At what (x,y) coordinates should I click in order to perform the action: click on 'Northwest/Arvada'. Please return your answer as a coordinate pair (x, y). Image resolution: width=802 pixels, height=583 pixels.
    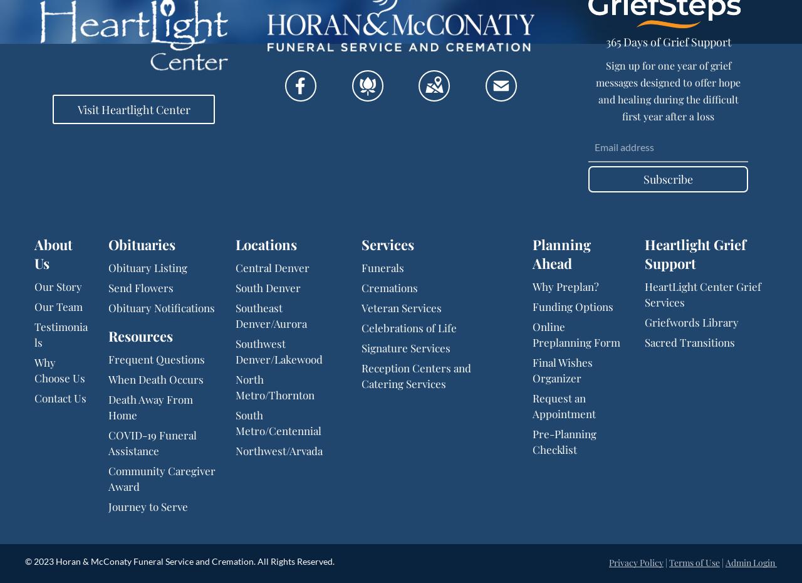
    Looking at the image, I should click on (235, 450).